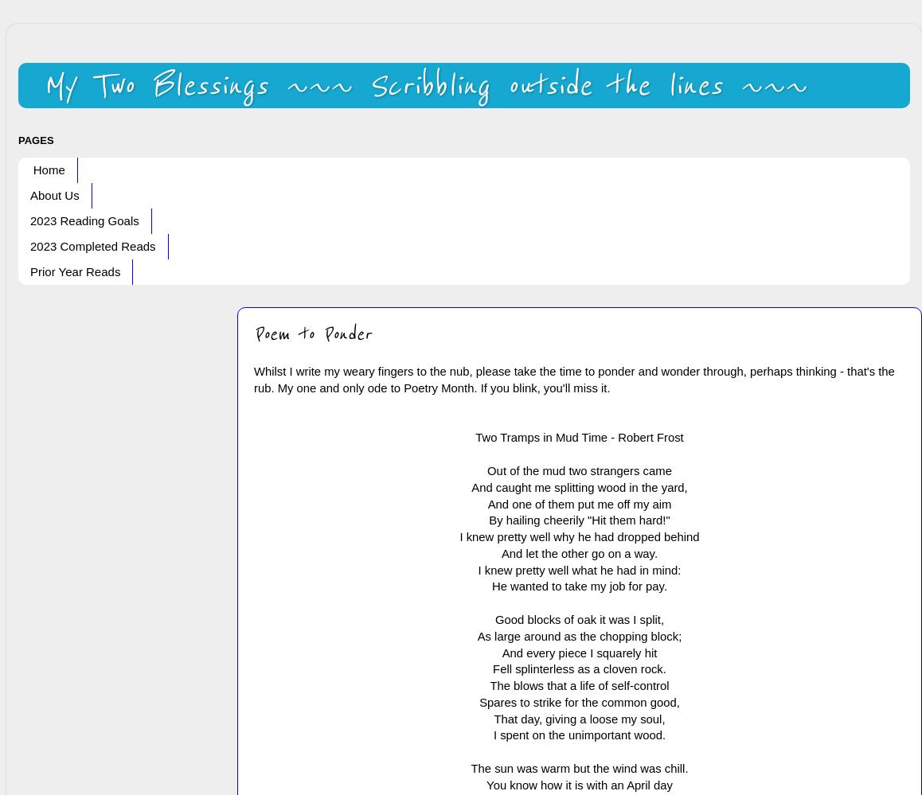  I want to click on 'The blows that a life of self-control', so click(489, 685).